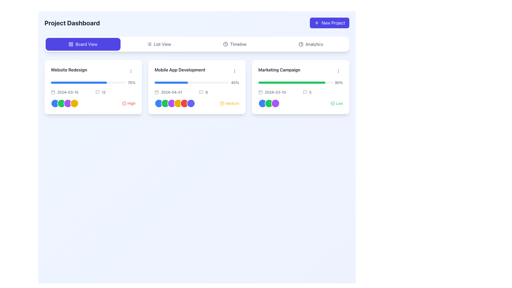 The image size is (512, 288). What do you see at coordinates (206, 92) in the screenshot?
I see `the text label that displays the numerical count of comments or interactions, located to the right of a speech bubble icon in the second card of the horizontal group` at bounding box center [206, 92].